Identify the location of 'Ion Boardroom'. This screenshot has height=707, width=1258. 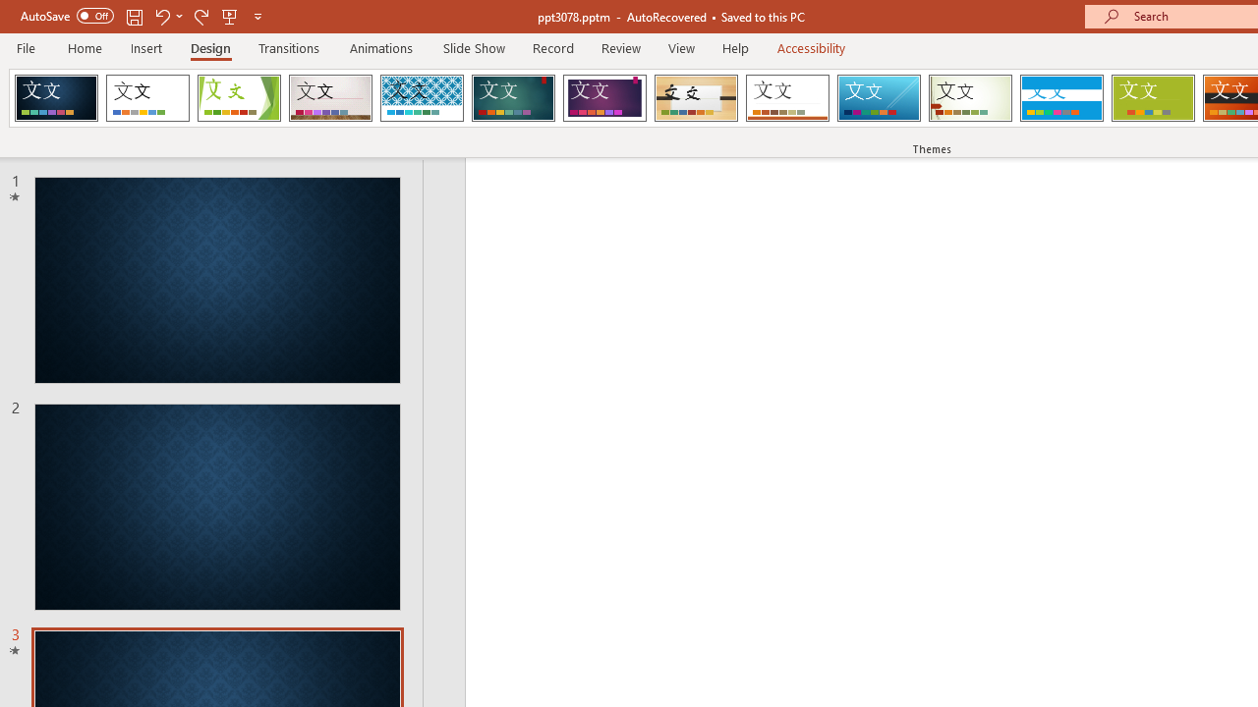
(603, 98).